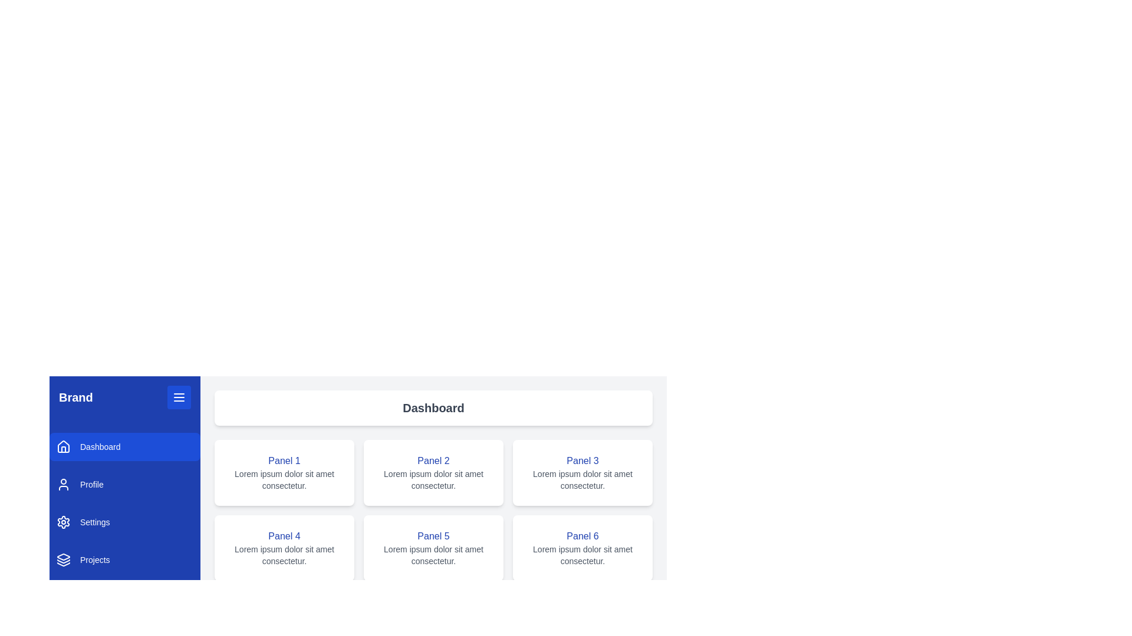  Describe the element at coordinates (284, 479) in the screenshot. I see `the text display element that reads 'Lorem ipsum dolor sit amet consectetur.' which is styled with a small font size and gray color, located within a white card-like panel` at that location.